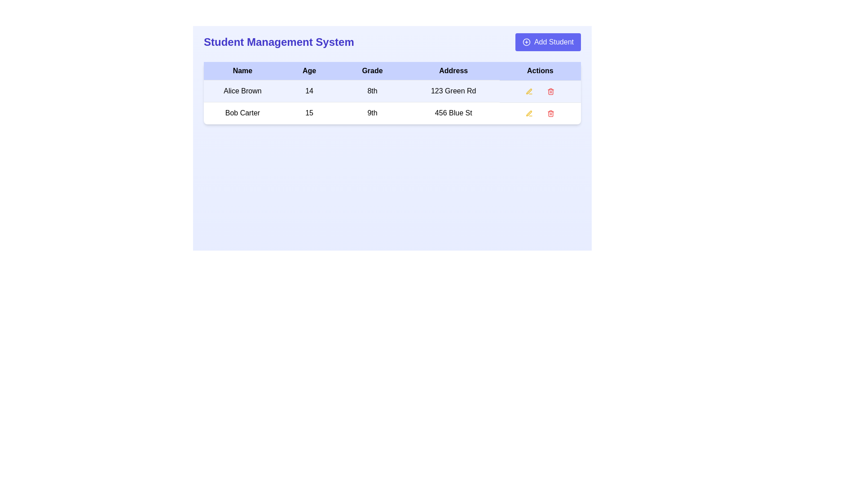  What do you see at coordinates (453, 71) in the screenshot?
I see `the text label 'Address' in bold, black font located in the fourth header of the table, positioned between 'Grade' and 'Actions'` at bounding box center [453, 71].